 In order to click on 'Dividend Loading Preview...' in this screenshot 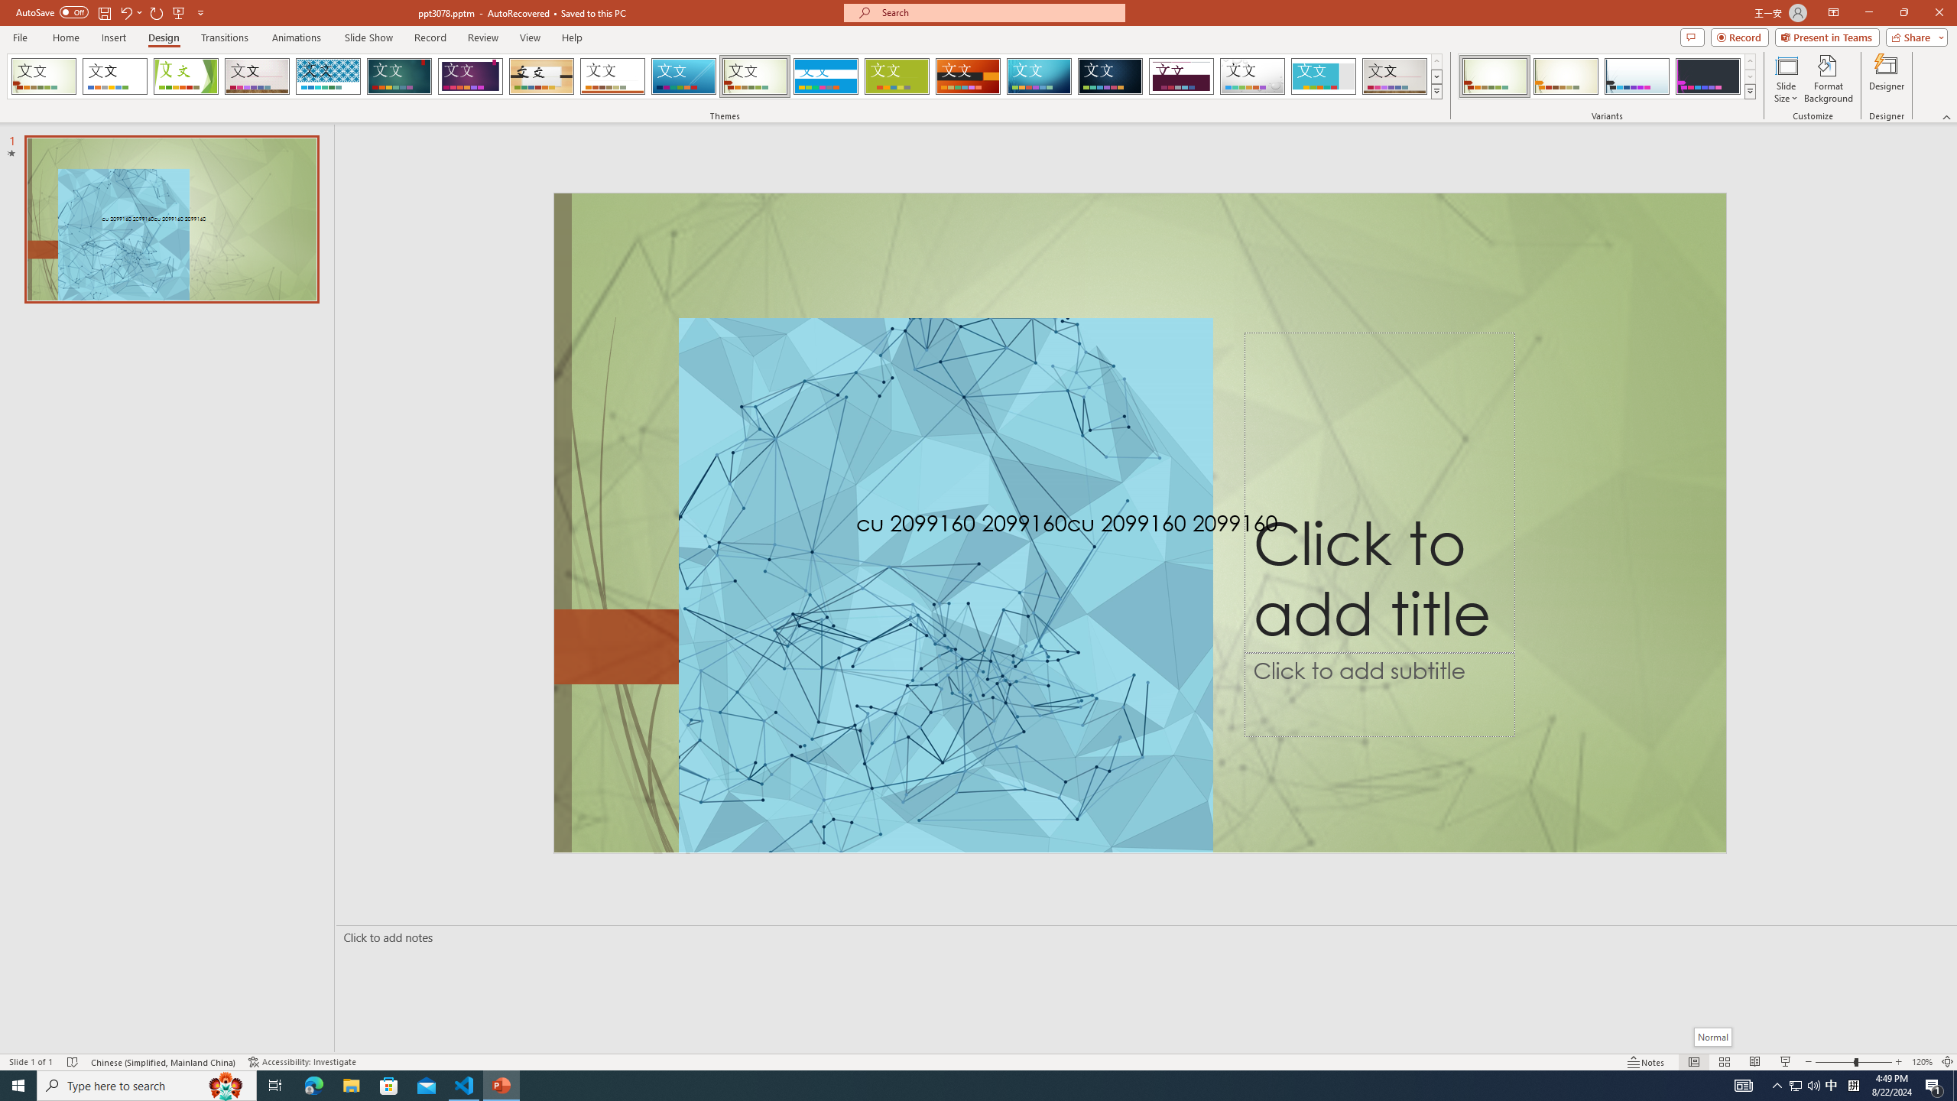, I will do `click(1181, 76)`.